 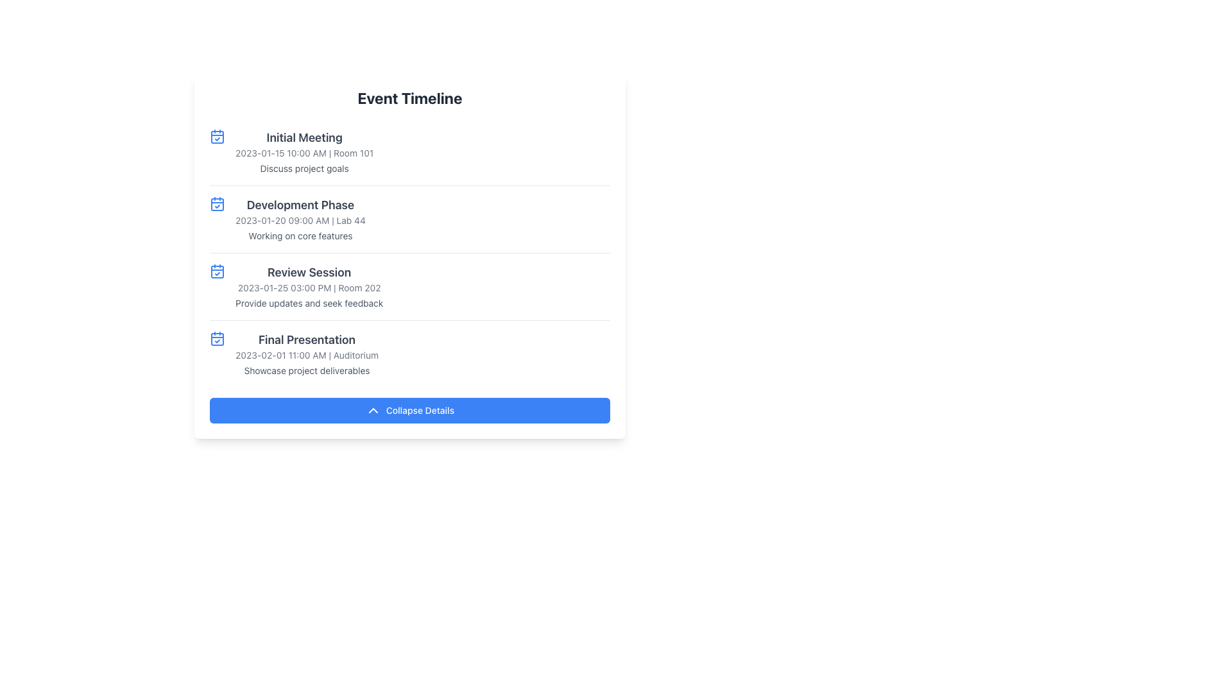 I want to click on the Event Detail Block that provides details for an event including its title, date, time, location, and description of objectives, which is positioned first in the Event Timeline, so click(x=409, y=151).